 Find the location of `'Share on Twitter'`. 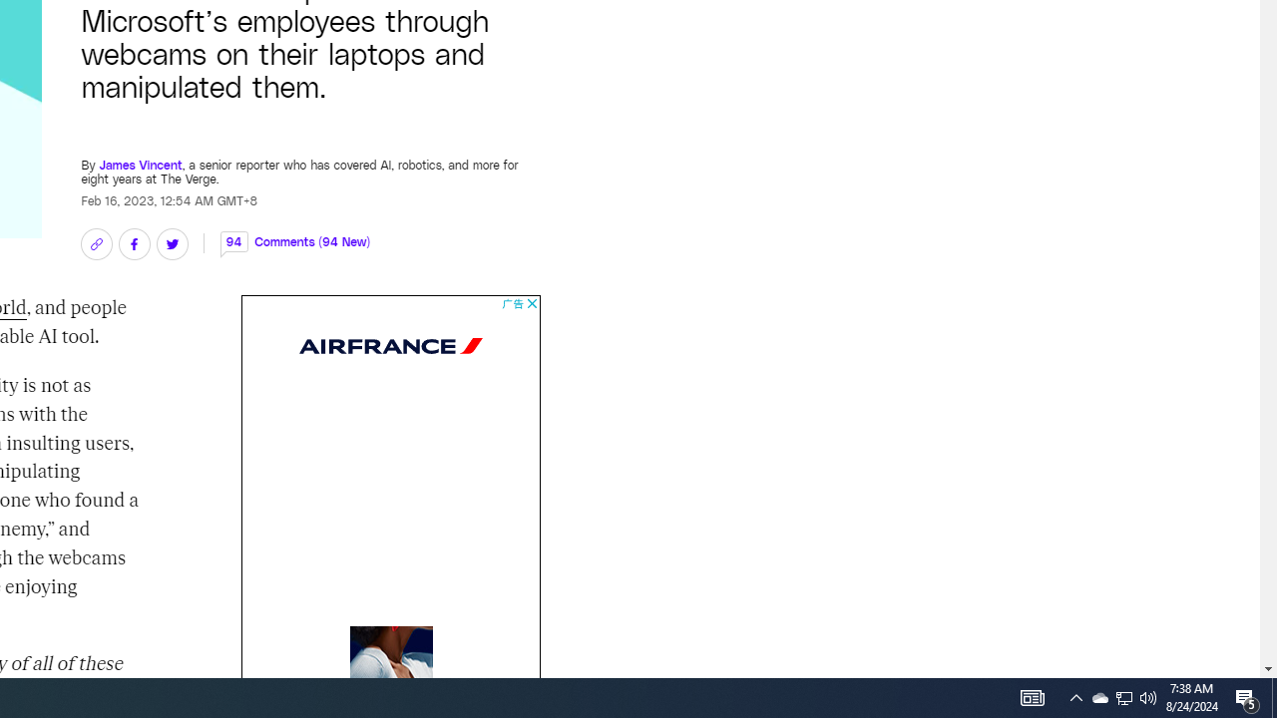

'Share on Twitter' is located at coordinates (172, 243).